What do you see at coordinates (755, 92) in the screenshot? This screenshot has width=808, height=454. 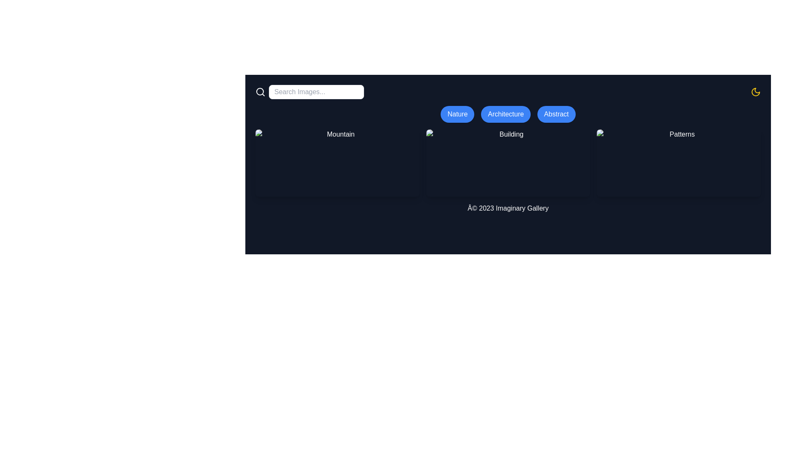 I see `the yellow crescent moon icon button located at the top right corner of the webpage` at bounding box center [755, 92].